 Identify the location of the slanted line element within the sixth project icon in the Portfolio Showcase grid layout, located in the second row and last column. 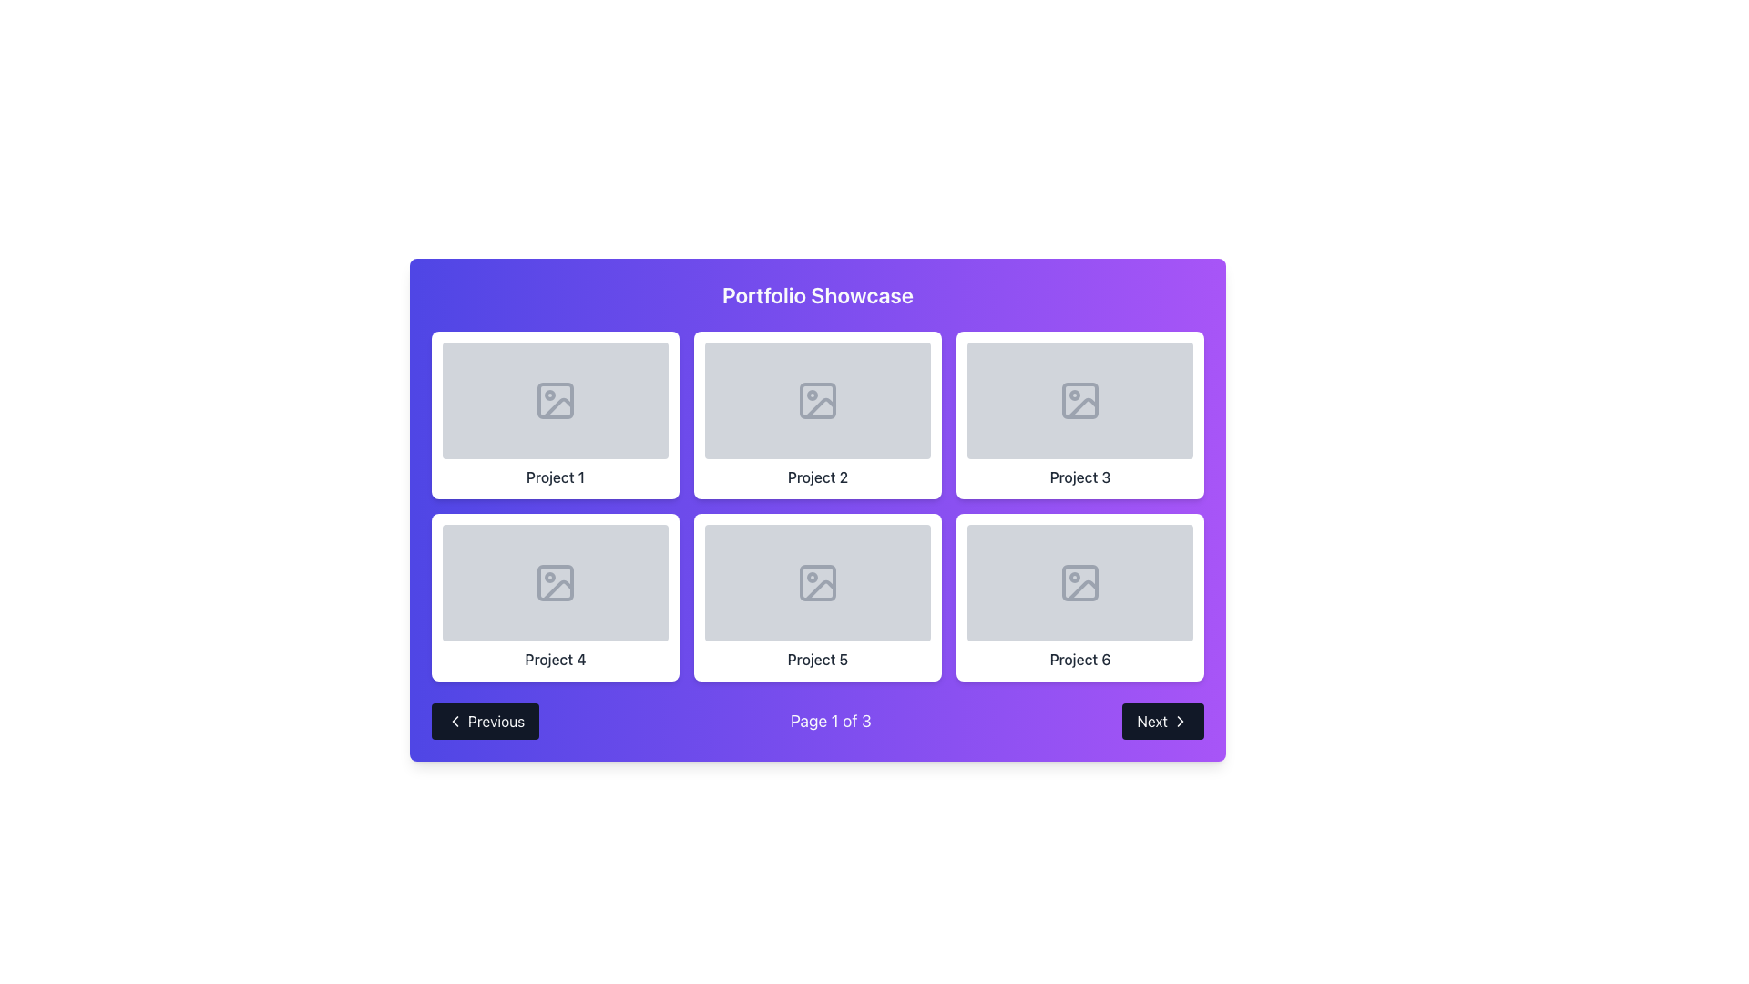
(1083, 590).